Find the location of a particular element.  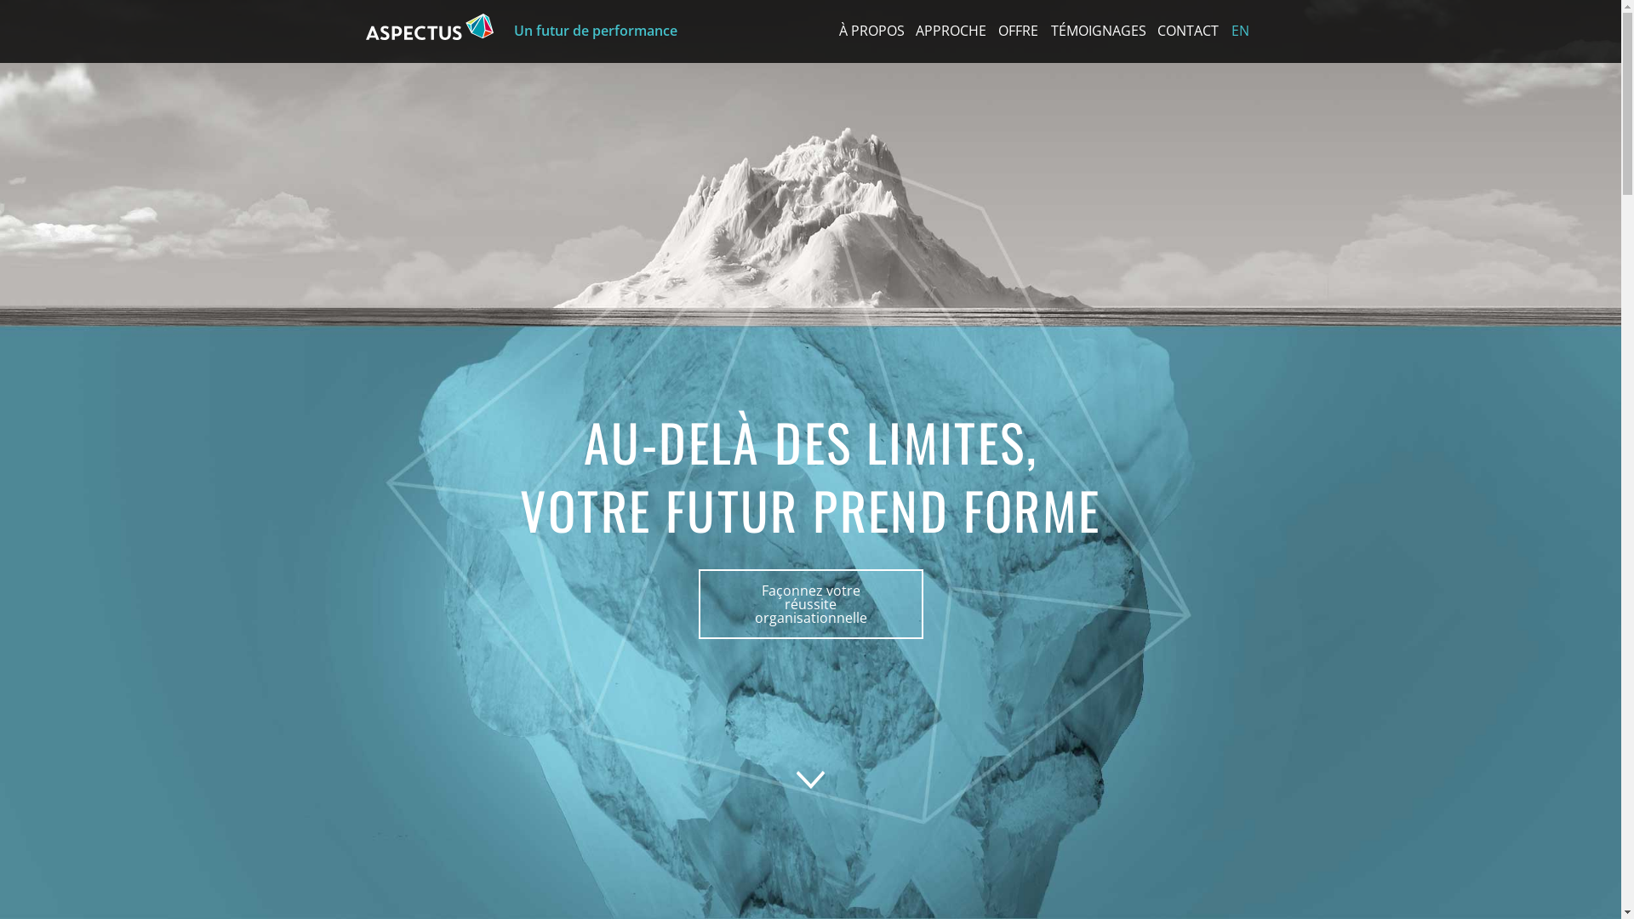

'APPROCHE' is located at coordinates (949, 30).